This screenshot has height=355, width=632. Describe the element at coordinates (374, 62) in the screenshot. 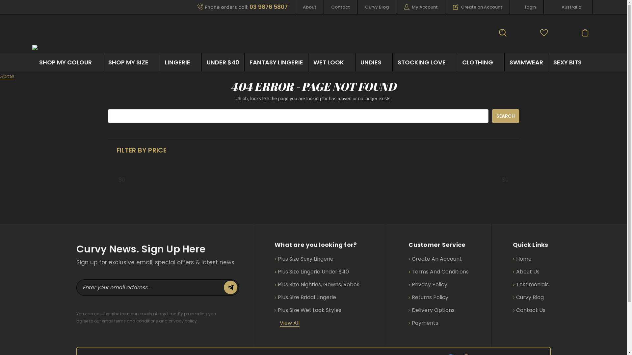

I see `'UNDIES'` at that location.